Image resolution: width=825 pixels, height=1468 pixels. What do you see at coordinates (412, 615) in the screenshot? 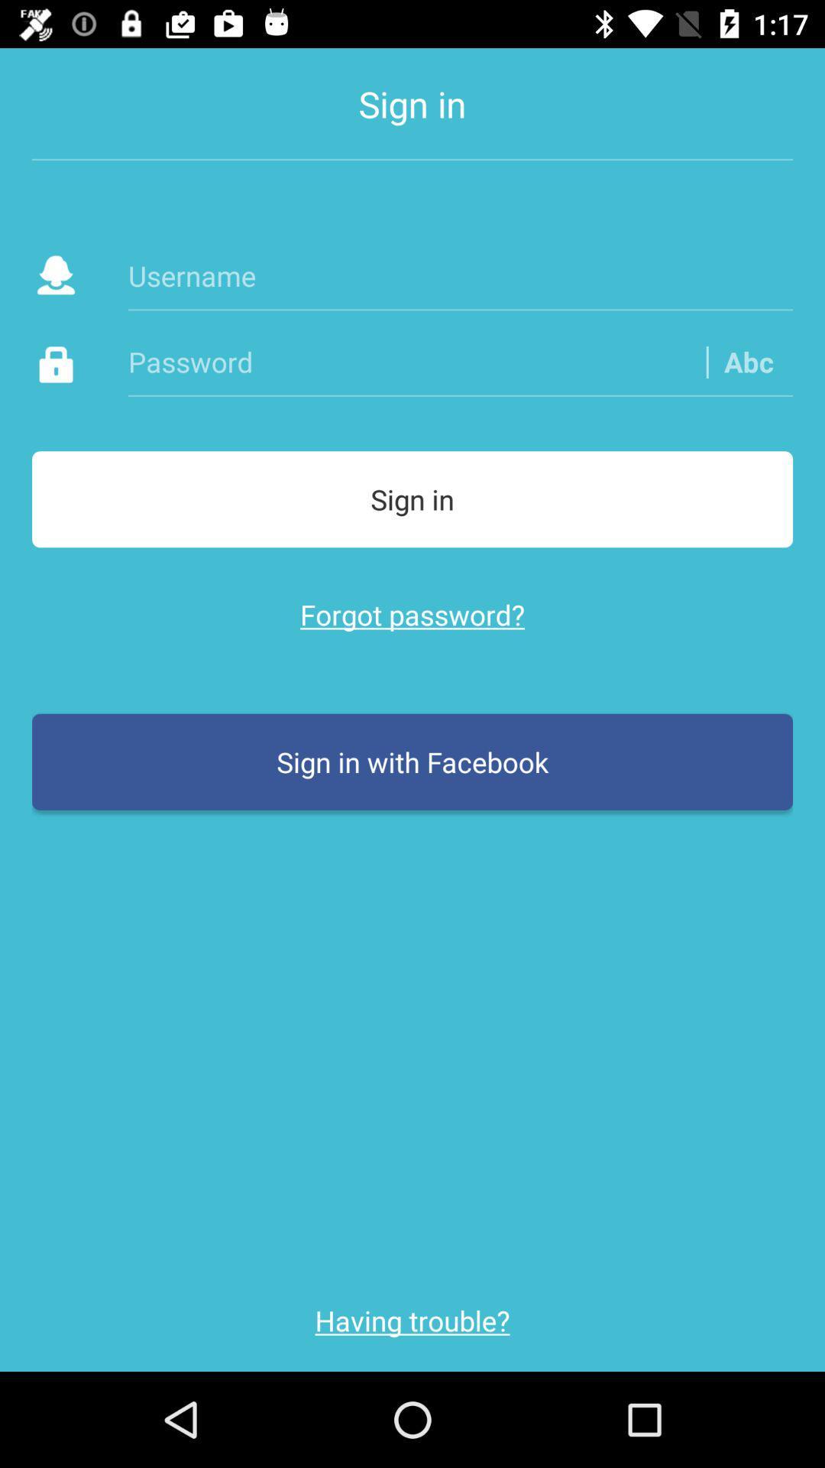
I see `forgot password? icon` at bounding box center [412, 615].